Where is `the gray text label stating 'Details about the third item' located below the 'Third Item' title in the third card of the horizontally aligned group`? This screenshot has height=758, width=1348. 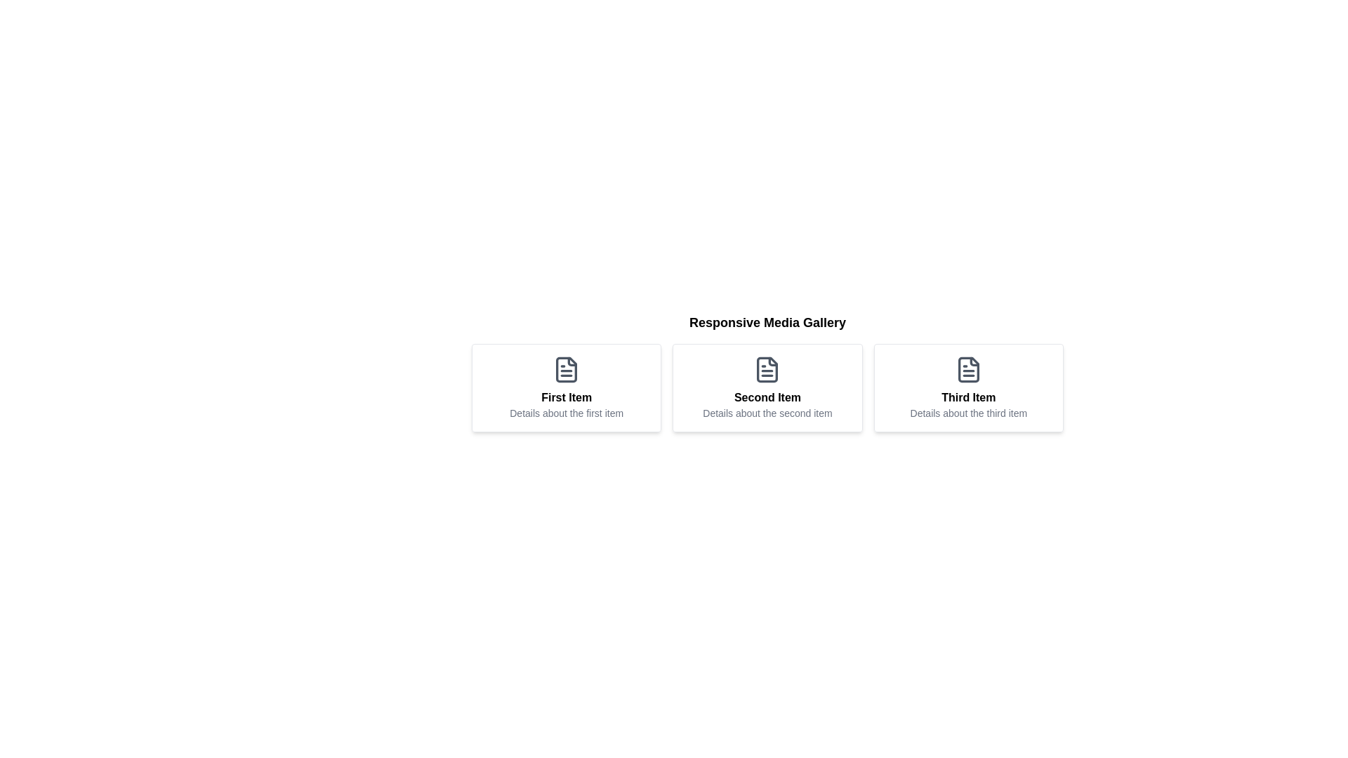
the gray text label stating 'Details about the third item' located below the 'Third Item' title in the third card of the horizontally aligned group is located at coordinates (967, 413).